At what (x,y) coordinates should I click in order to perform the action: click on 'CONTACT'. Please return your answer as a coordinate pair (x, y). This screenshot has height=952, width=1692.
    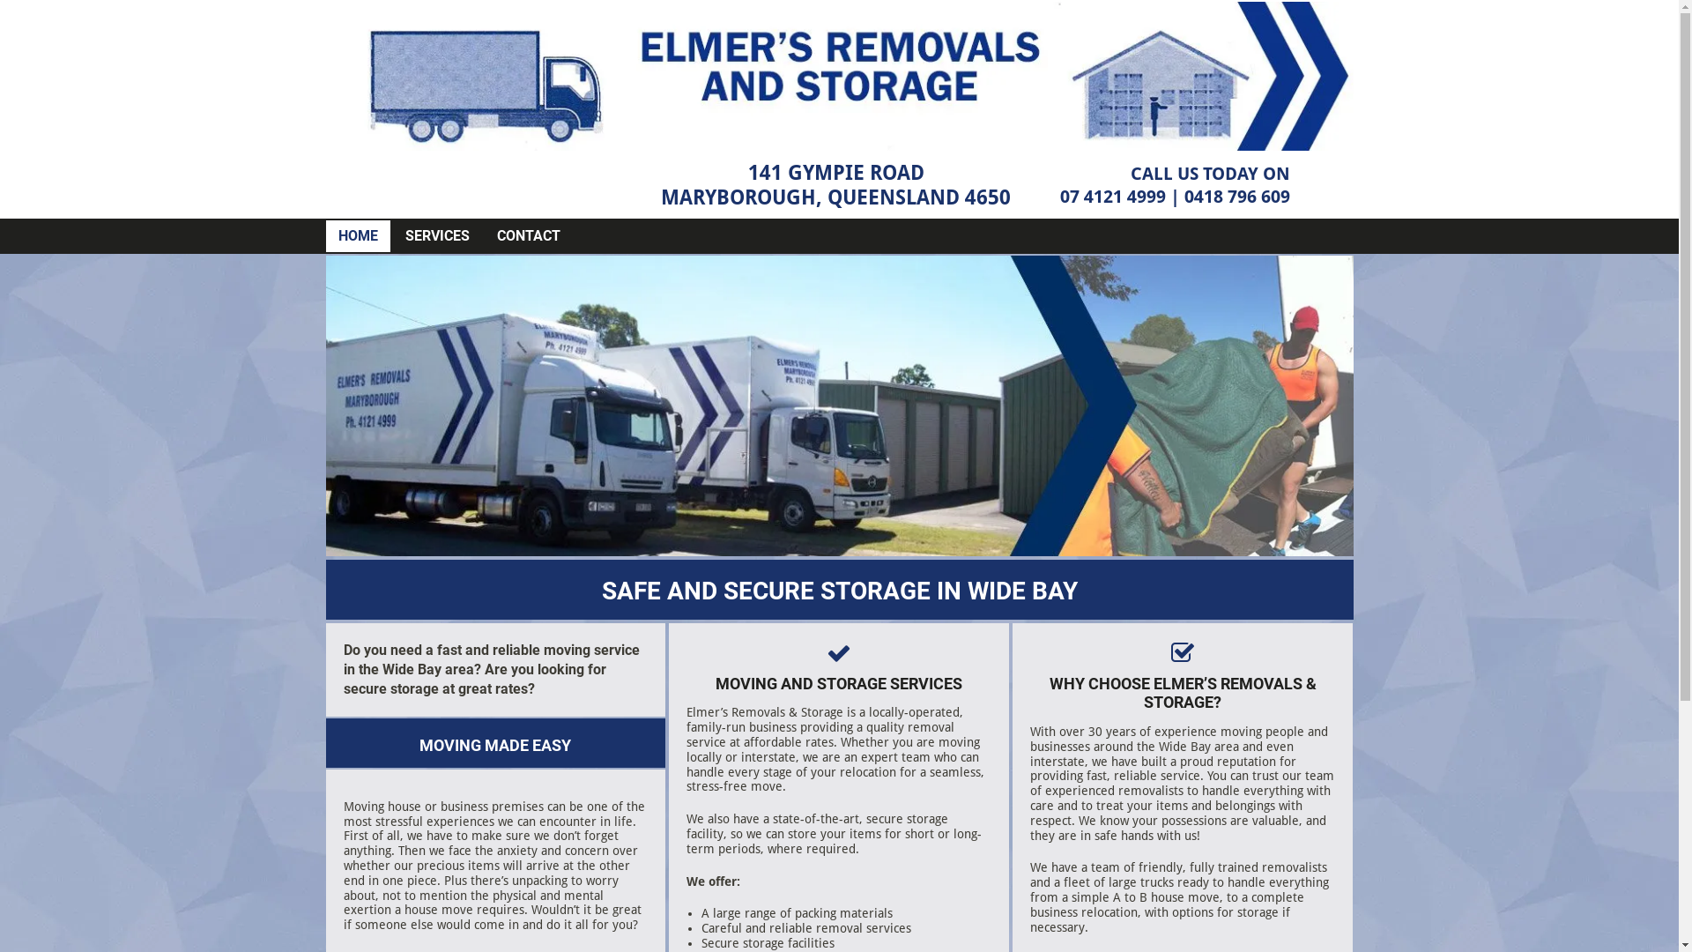
    Looking at the image, I should click on (528, 234).